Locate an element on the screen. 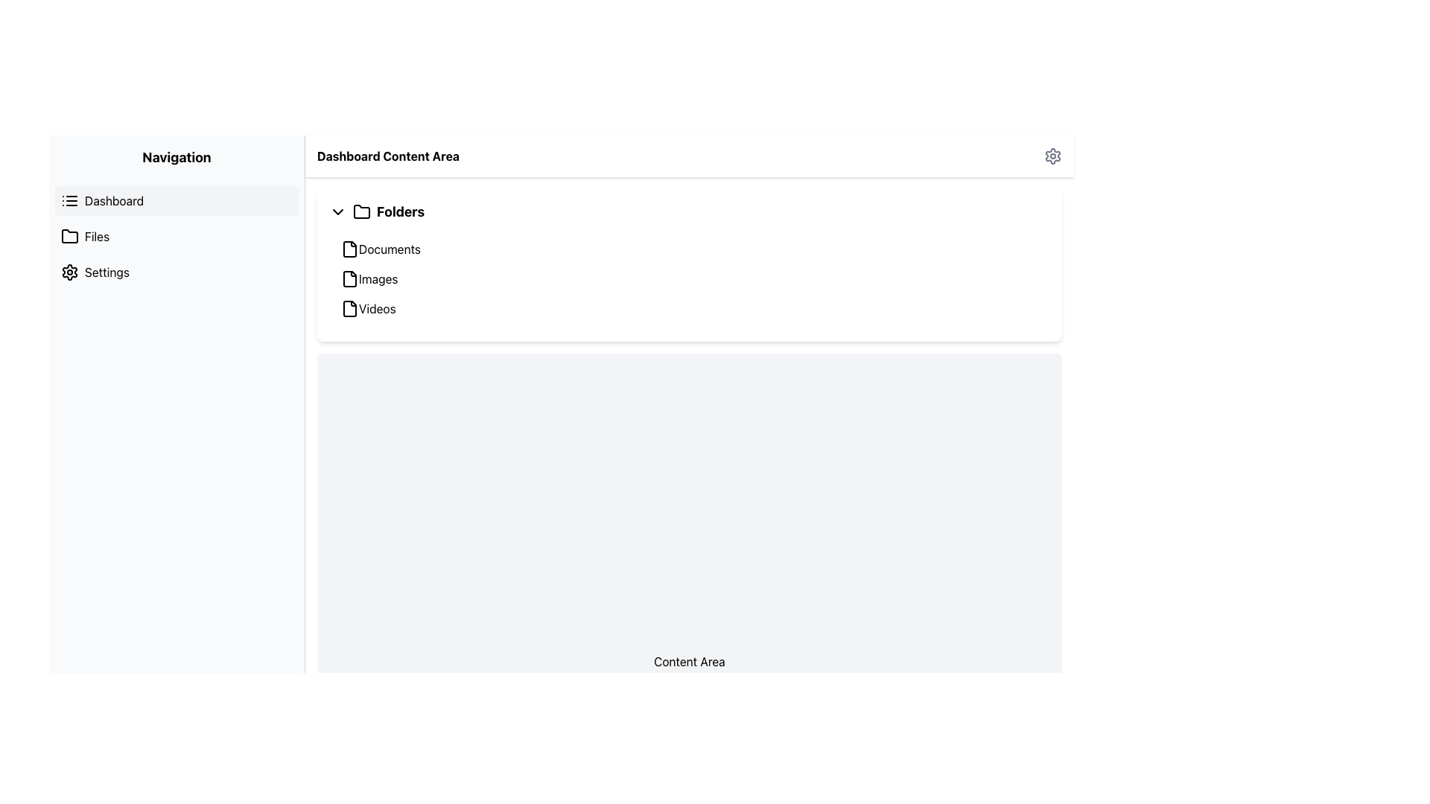 This screenshot has width=1430, height=804. the folder icon located in the Dashboard Content Area, to the left of the text 'Folders' is located at coordinates (361, 211).